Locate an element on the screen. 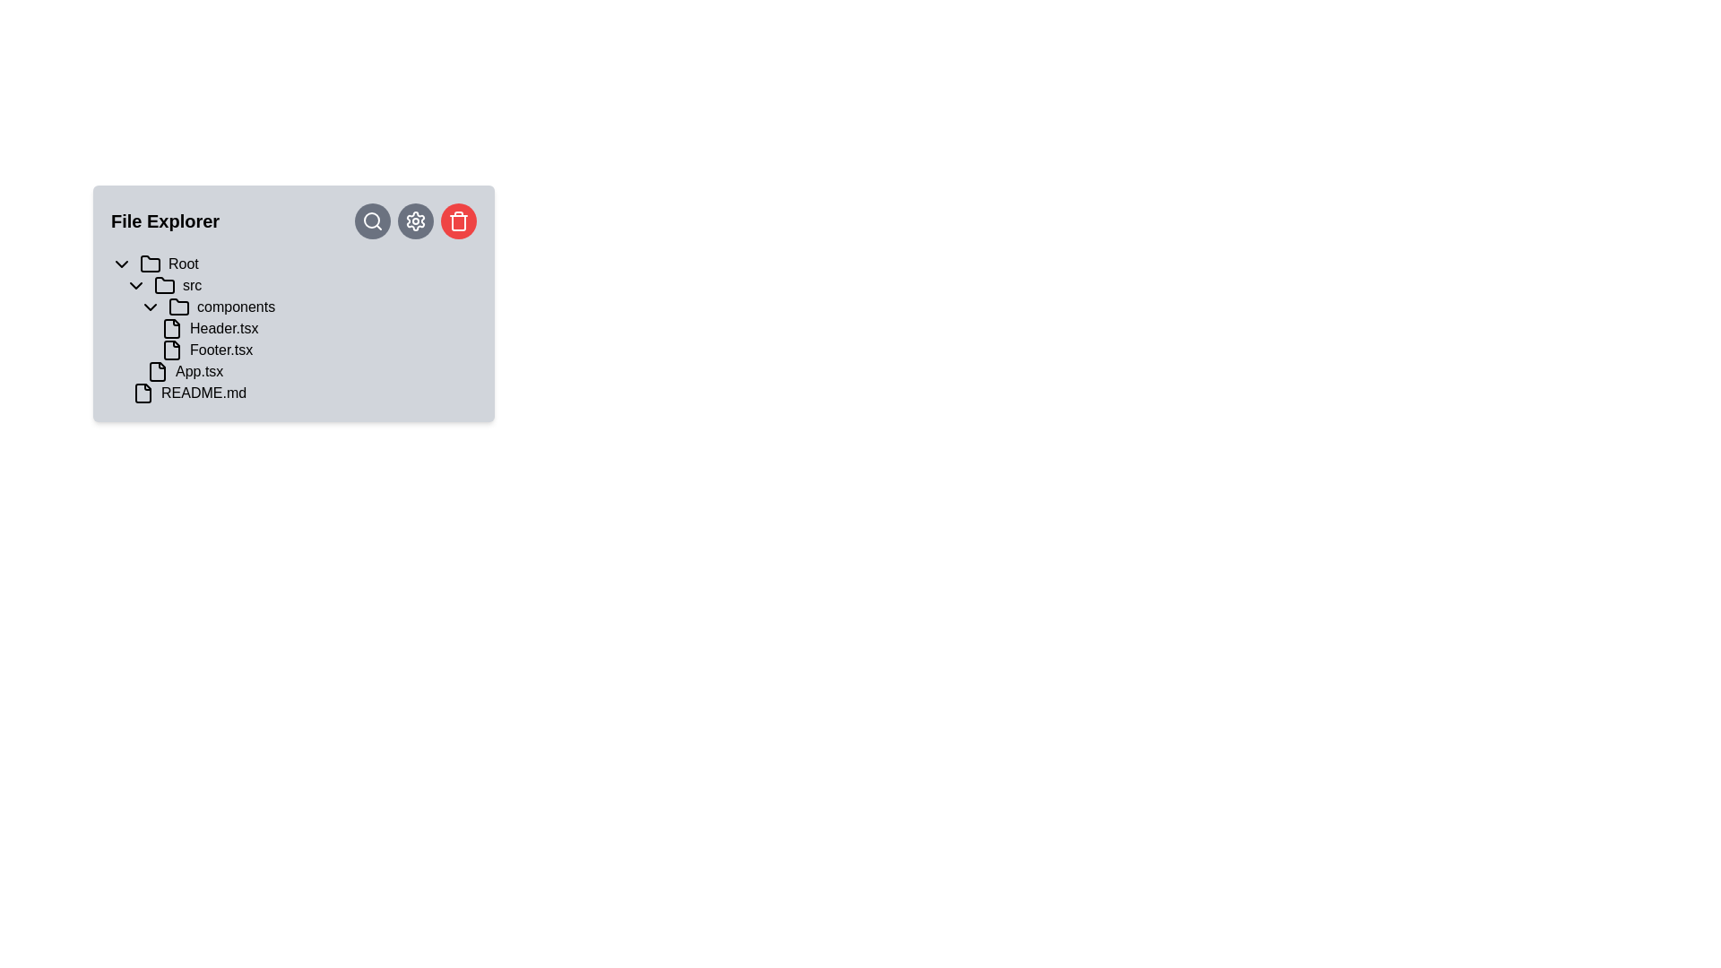  the file entry labeled 'README.md' in the file explorer is located at coordinates (301, 393).